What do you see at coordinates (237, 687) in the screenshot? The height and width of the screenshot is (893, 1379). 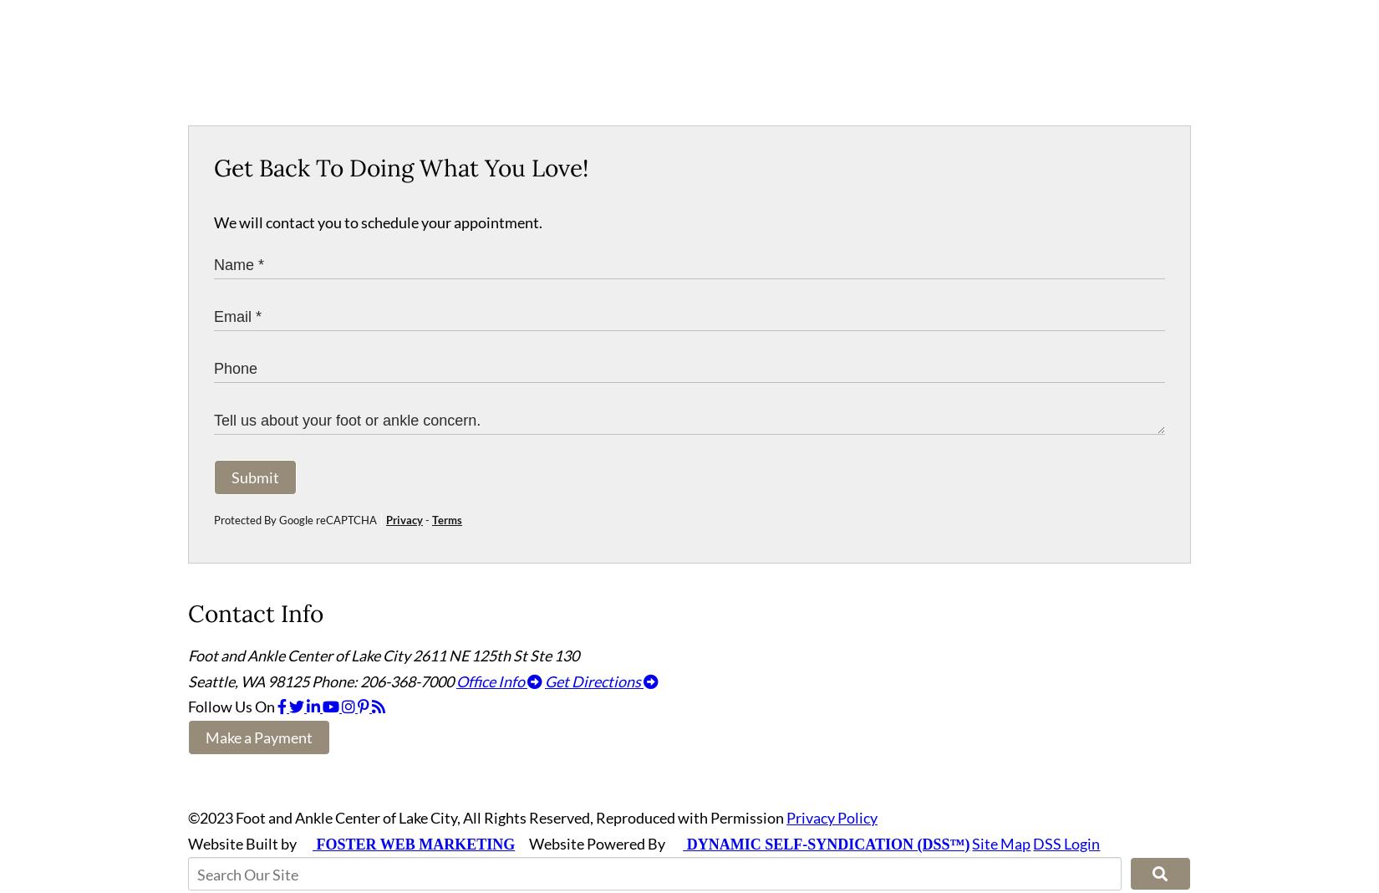 I see `','` at bounding box center [237, 687].